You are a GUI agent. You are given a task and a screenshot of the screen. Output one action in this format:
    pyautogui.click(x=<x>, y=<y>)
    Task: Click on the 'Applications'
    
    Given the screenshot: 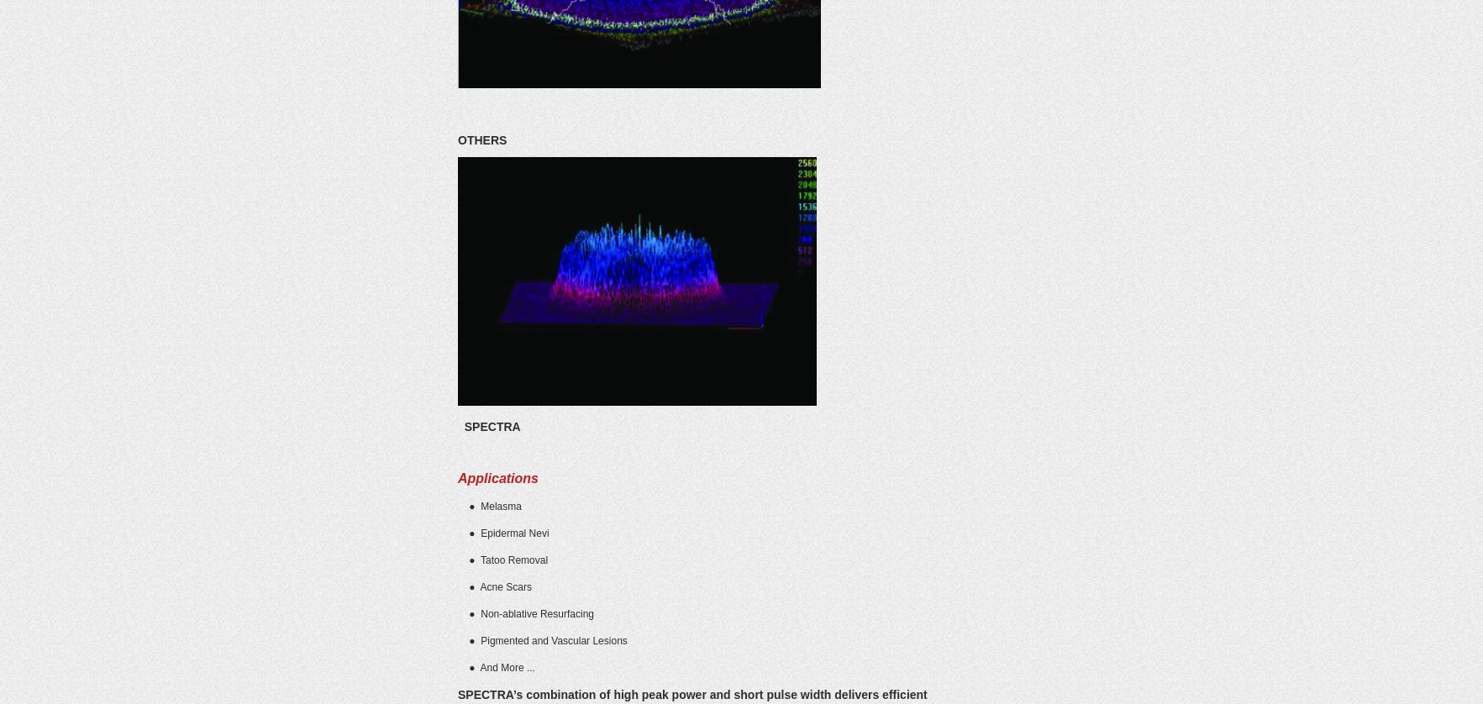 What is the action you would take?
    pyautogui.click(x=497, y=478)
    